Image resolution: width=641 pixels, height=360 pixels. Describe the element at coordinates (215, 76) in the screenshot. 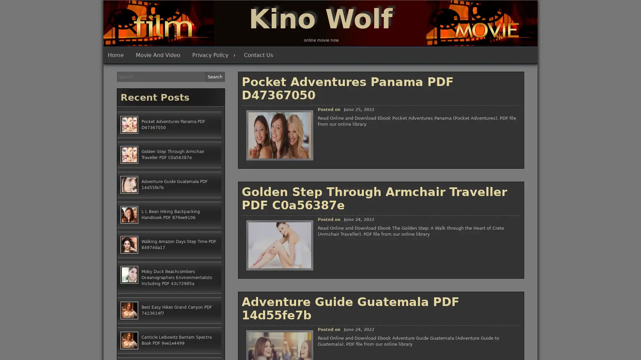

I see `Search` at that location.